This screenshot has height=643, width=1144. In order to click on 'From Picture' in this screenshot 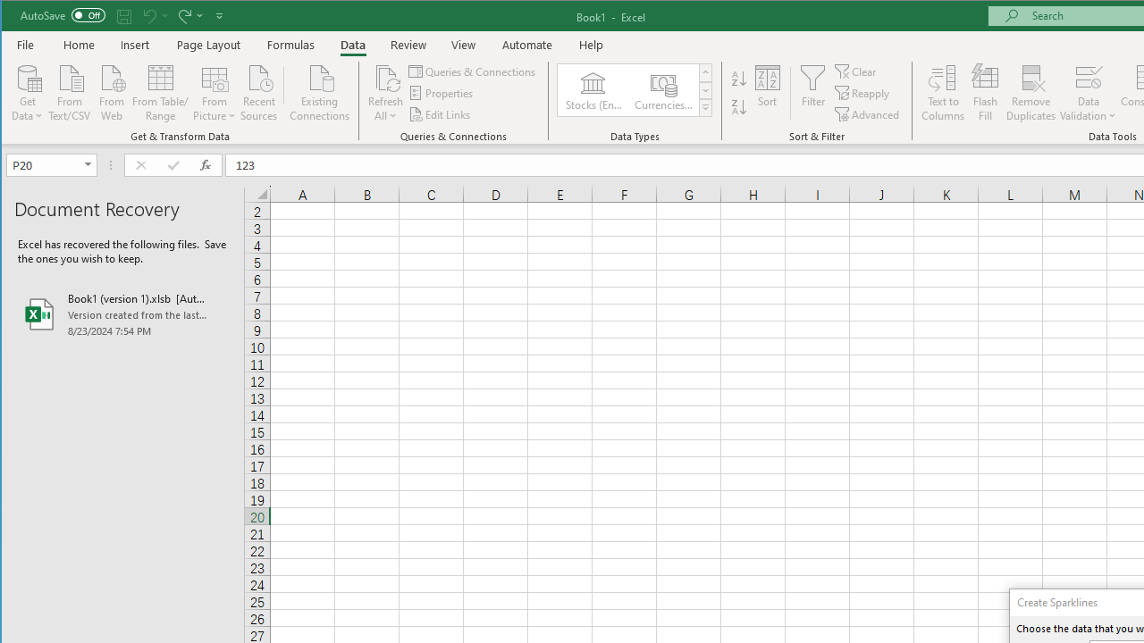, I will do `click(214, 91)`.